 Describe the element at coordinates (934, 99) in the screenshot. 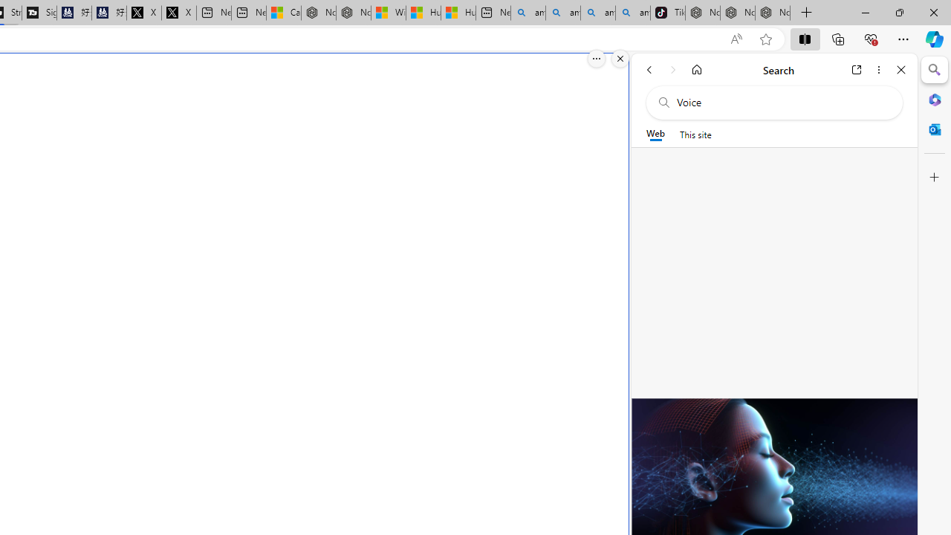

I see `'Microsoft 365'` at that location.